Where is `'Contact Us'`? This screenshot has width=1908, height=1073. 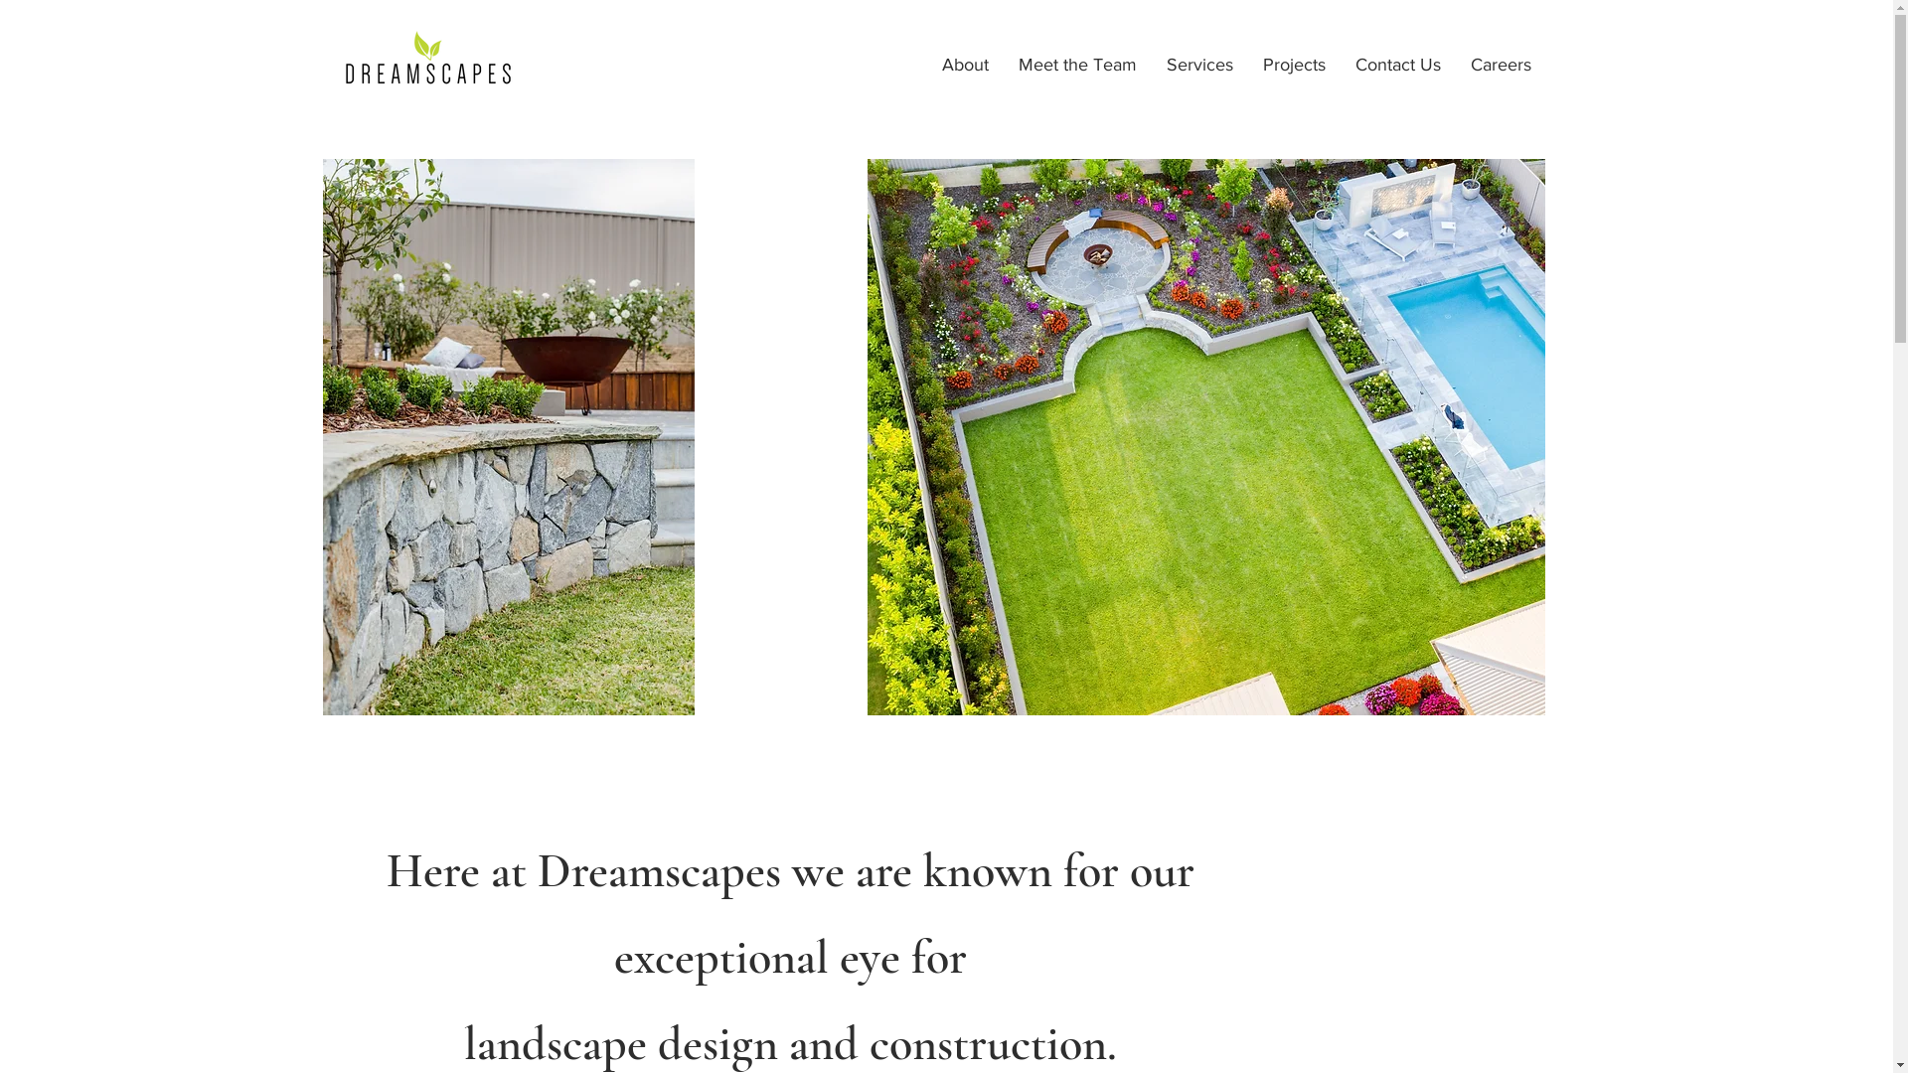
'Contact Us' is located at coordinates (1396, 64).